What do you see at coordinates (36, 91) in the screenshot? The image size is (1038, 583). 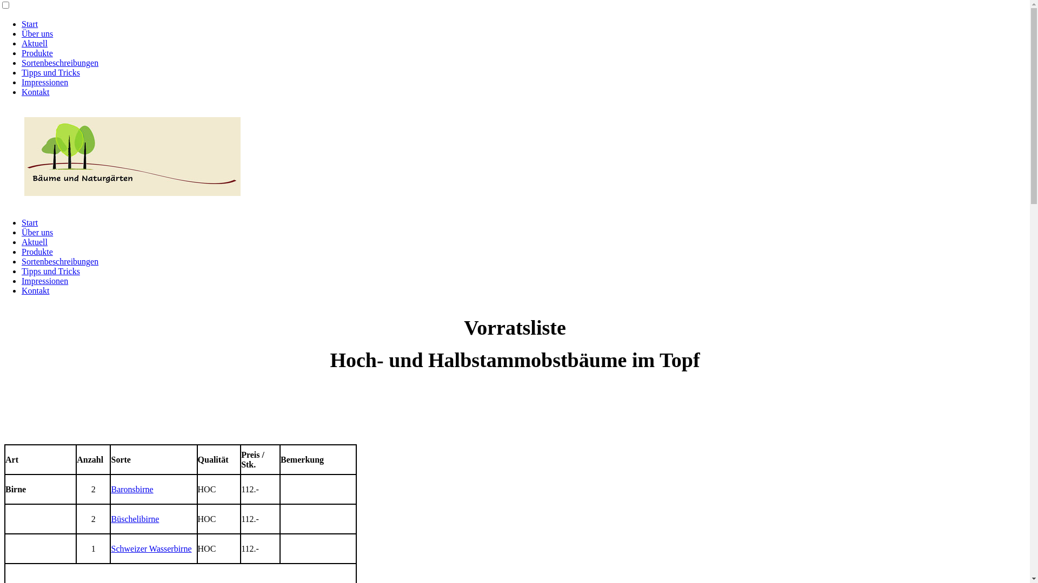 I see `'Kontakt'` at bounding box center [36, 91].